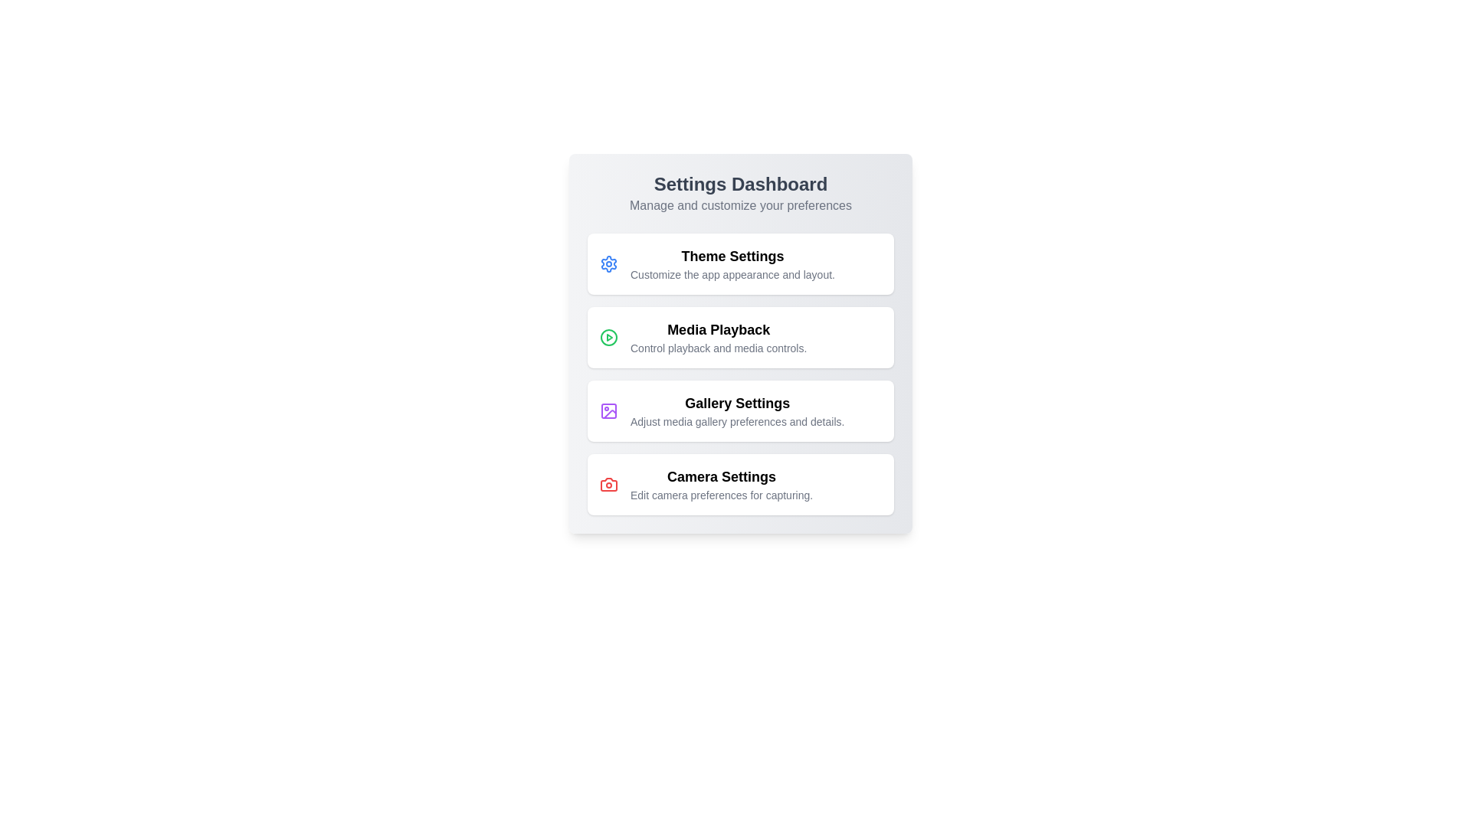 The image size is (1471, 827). What do you see at coordinates (608, 336) in the screenshot?
I see `the circular outline surrounding the play icon in the Media Playback section` at bounding box center [608, 336].